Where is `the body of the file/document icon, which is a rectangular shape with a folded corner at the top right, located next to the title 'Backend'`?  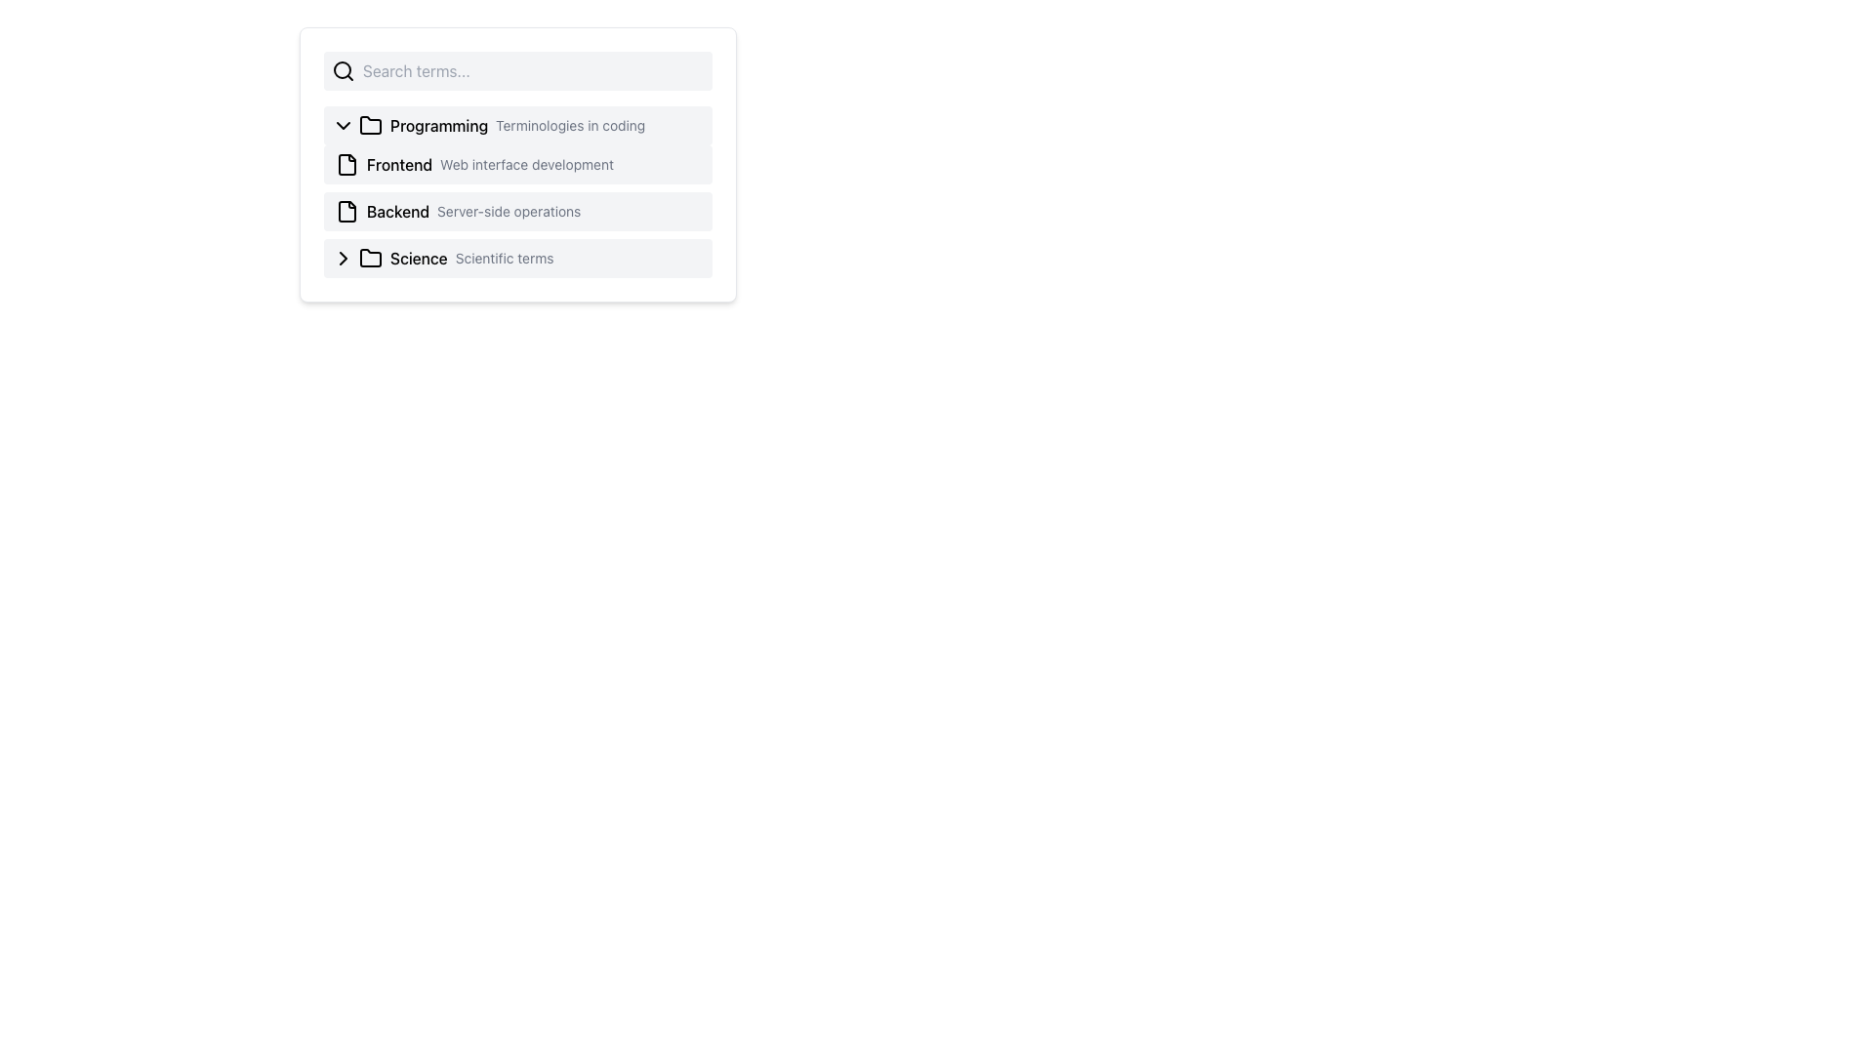 the body of the file/document icon, which is a rectangular shape with a folded corner at the top right, located next to the title 'Backend' is located at coordinates (346, 211).